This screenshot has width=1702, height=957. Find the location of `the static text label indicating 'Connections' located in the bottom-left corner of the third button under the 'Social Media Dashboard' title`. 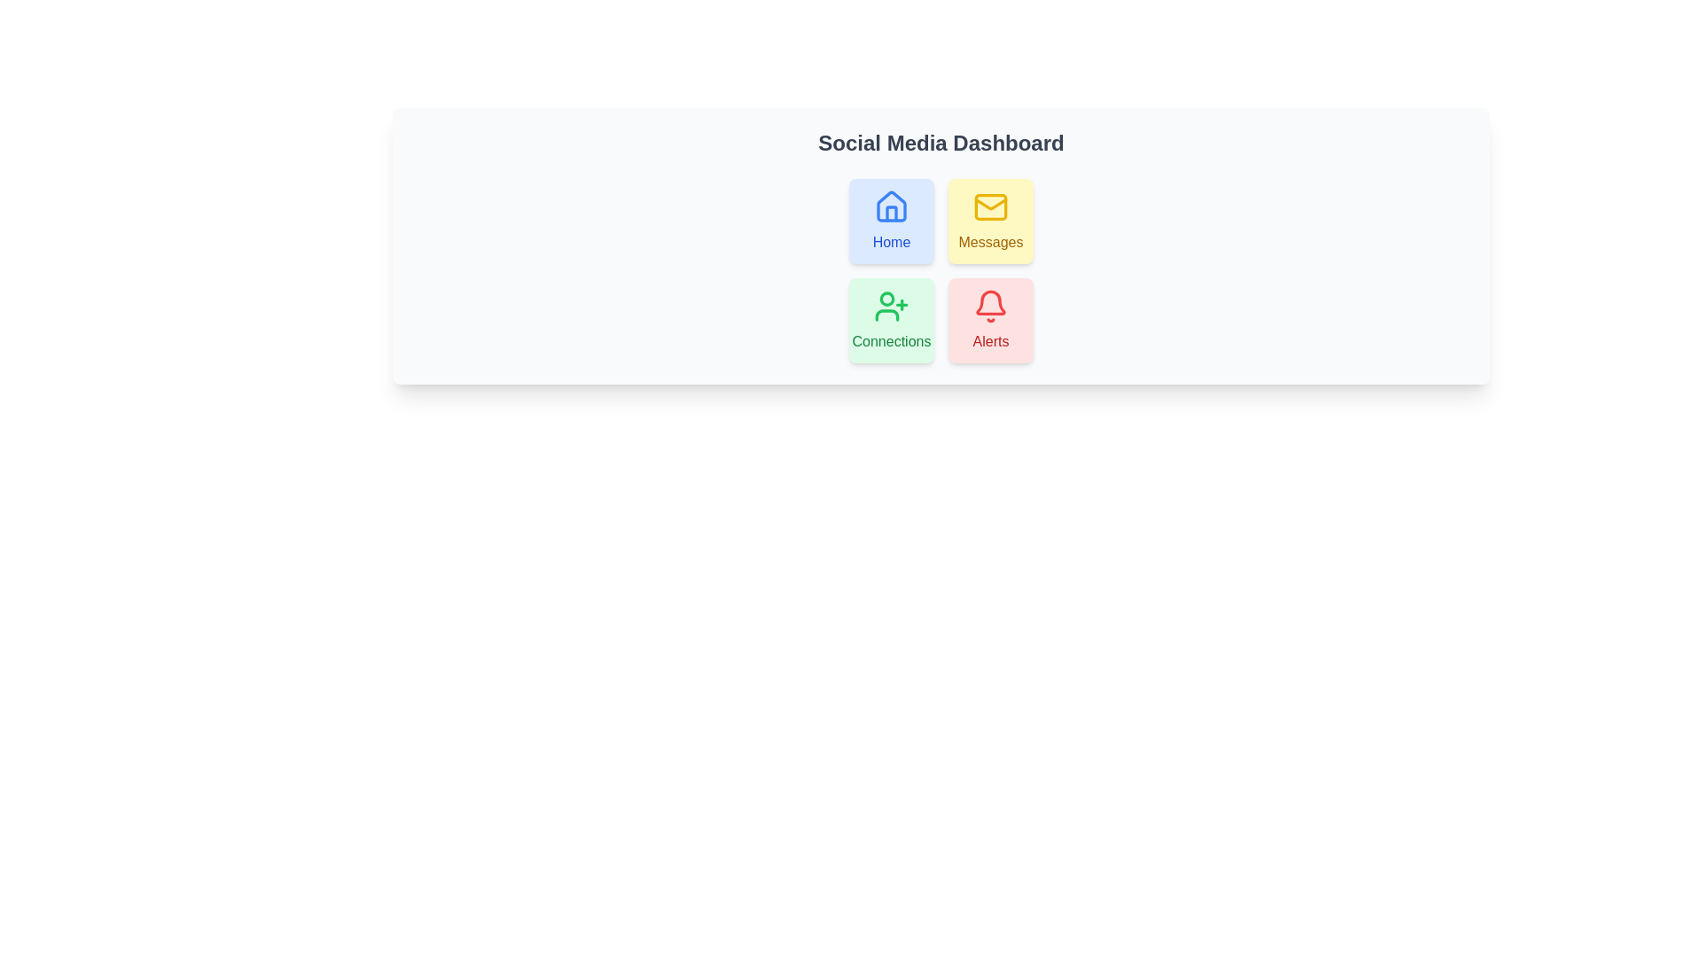

the static text label indicating 'Connections' located in the bottom-left corner of the third button under the 'Social Media Dashboard' title is located at coordinates (892, 341).